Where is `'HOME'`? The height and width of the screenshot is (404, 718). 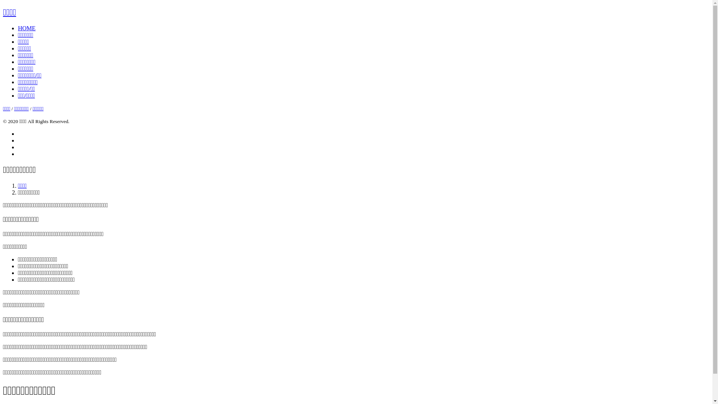
'HOME' is located at coordinates (27, 28).